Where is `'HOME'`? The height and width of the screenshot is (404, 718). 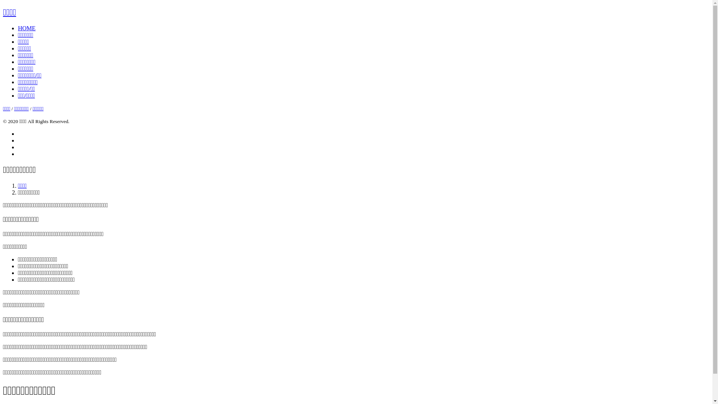
'HOME' is located at coordinates (27, 28).